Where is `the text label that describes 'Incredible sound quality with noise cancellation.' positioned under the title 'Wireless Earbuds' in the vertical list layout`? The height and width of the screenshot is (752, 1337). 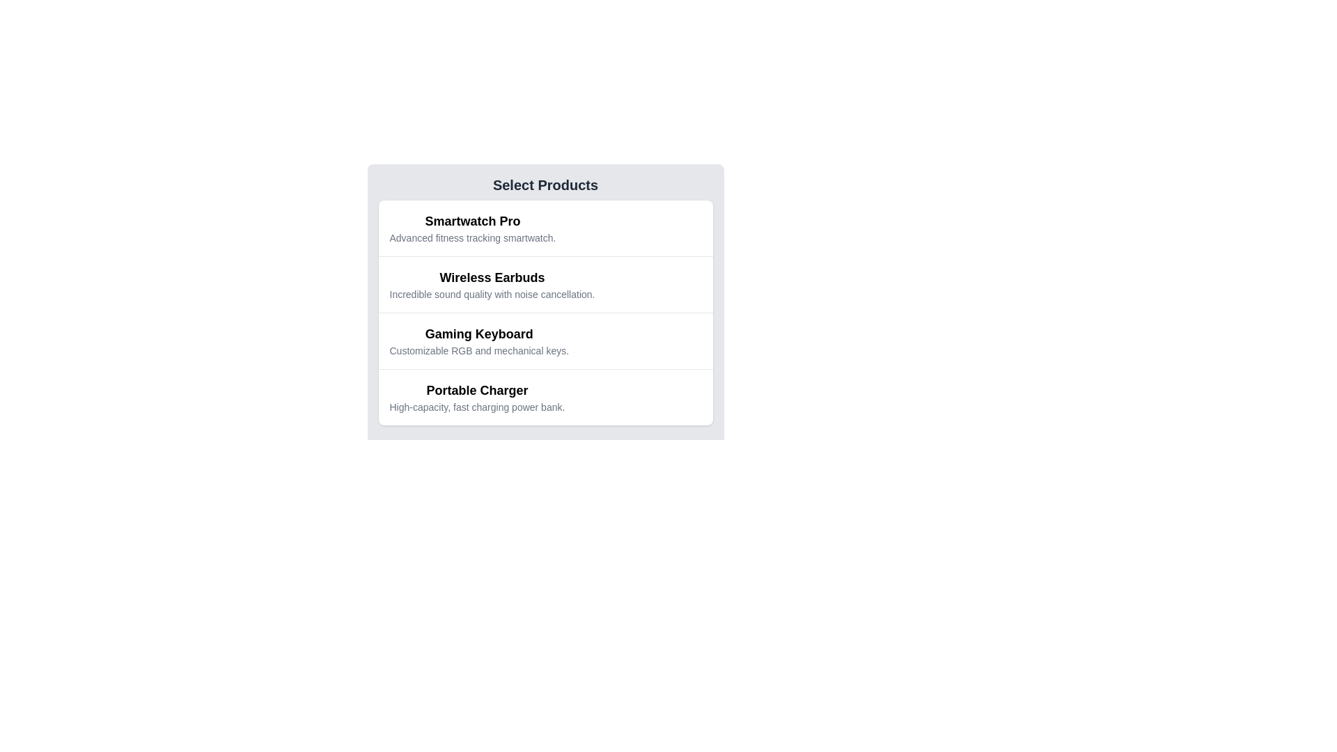 the text label that describes 'Incredible sound quality with noise cancellation.' positioned under the title 'Wireless Earbuds' in the vertical list layout is located at coordinates (492, 294).